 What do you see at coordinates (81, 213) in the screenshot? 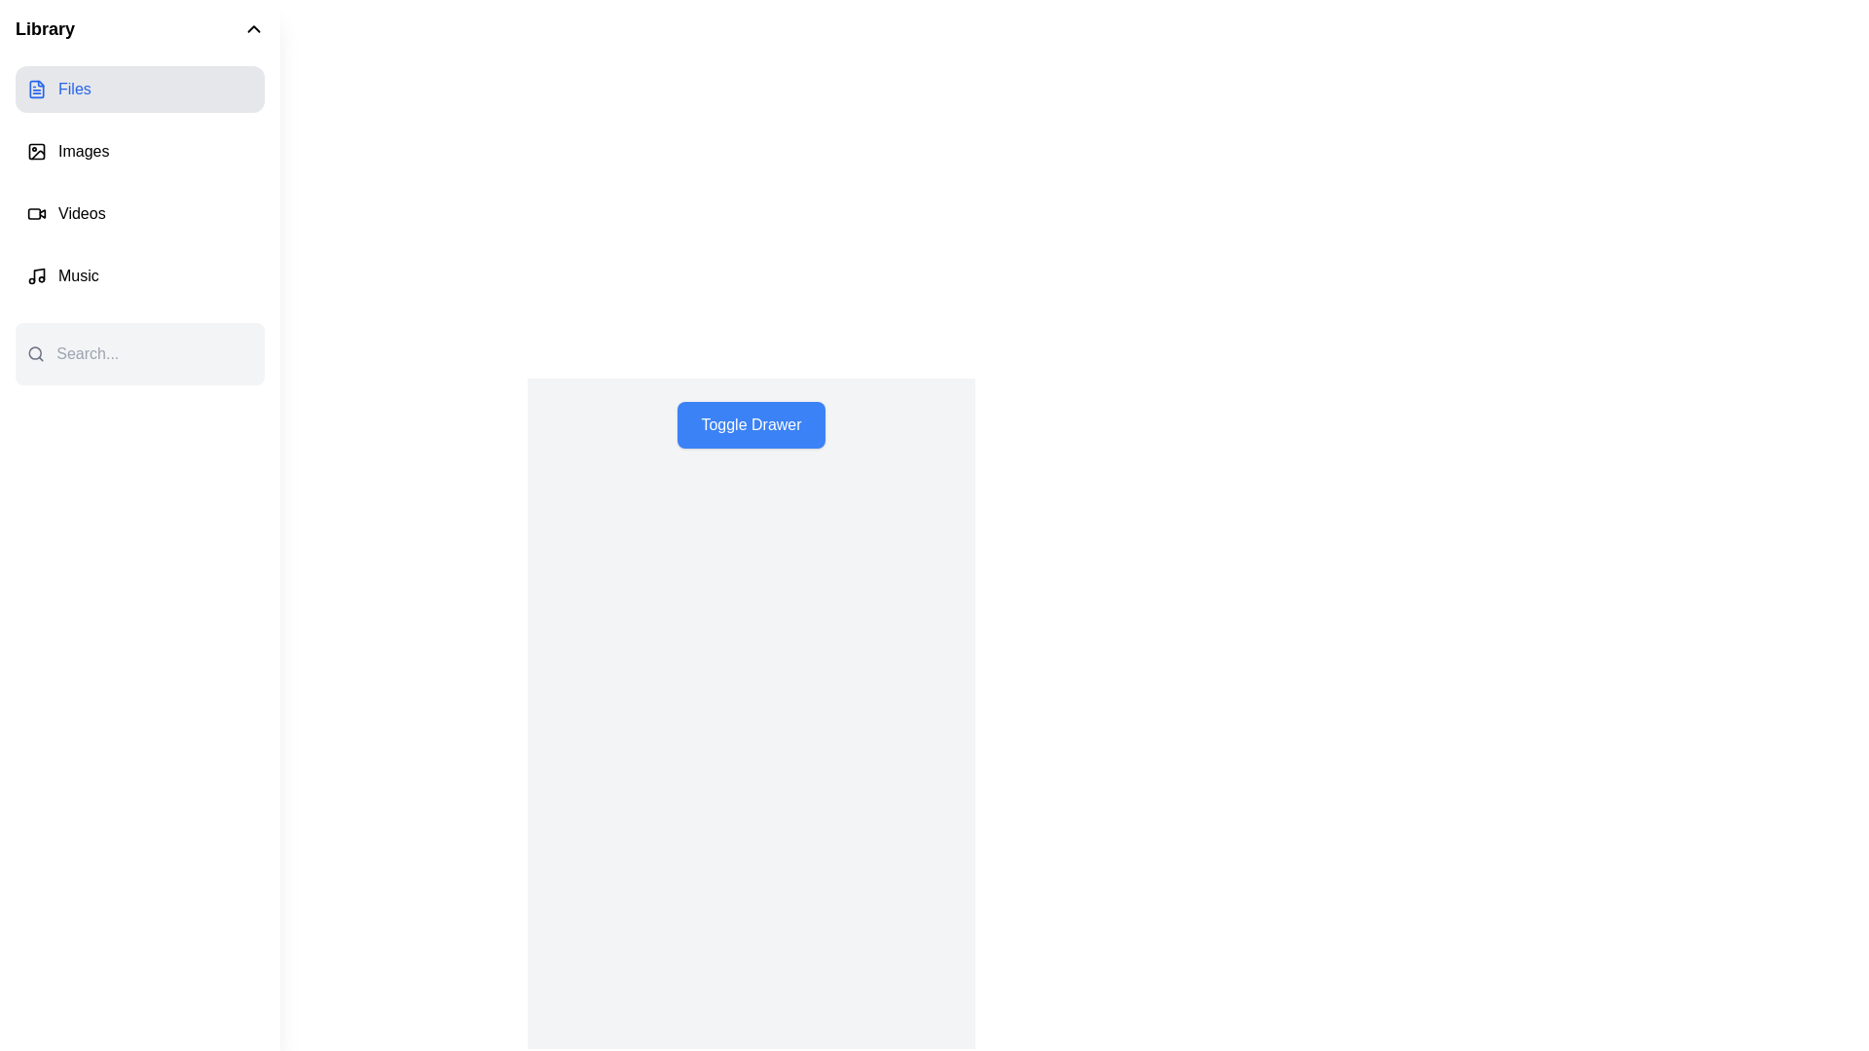
I see `the text label for the video menu option located directly below the 'Images' menu and above the 'Music' menu` at bounding box center [81, 213].